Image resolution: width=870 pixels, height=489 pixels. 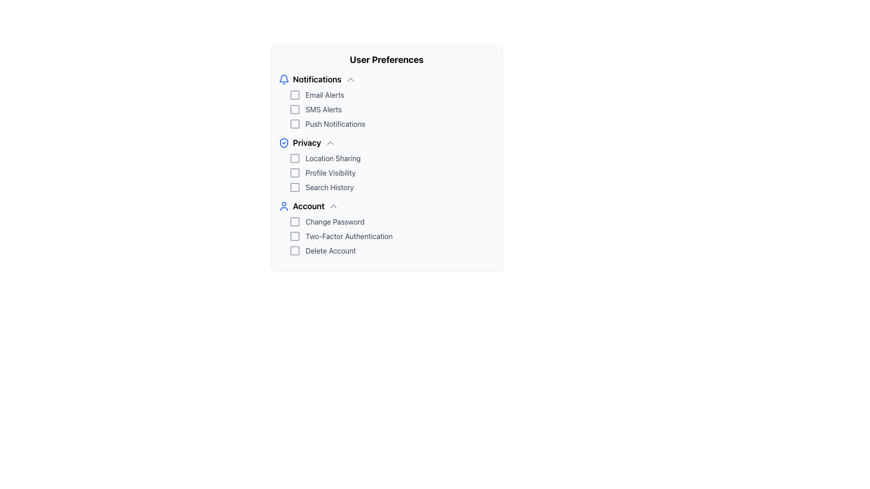 What do you see at coordinates (387, 235) in the screenshot?
I see `contents of the text list located under the 'Account' section in the 'User Preferences' interface, which includes 'Change Password', 'Two-Factor Authentication', and 'Delete Account'` at bounding box center [387, 235].